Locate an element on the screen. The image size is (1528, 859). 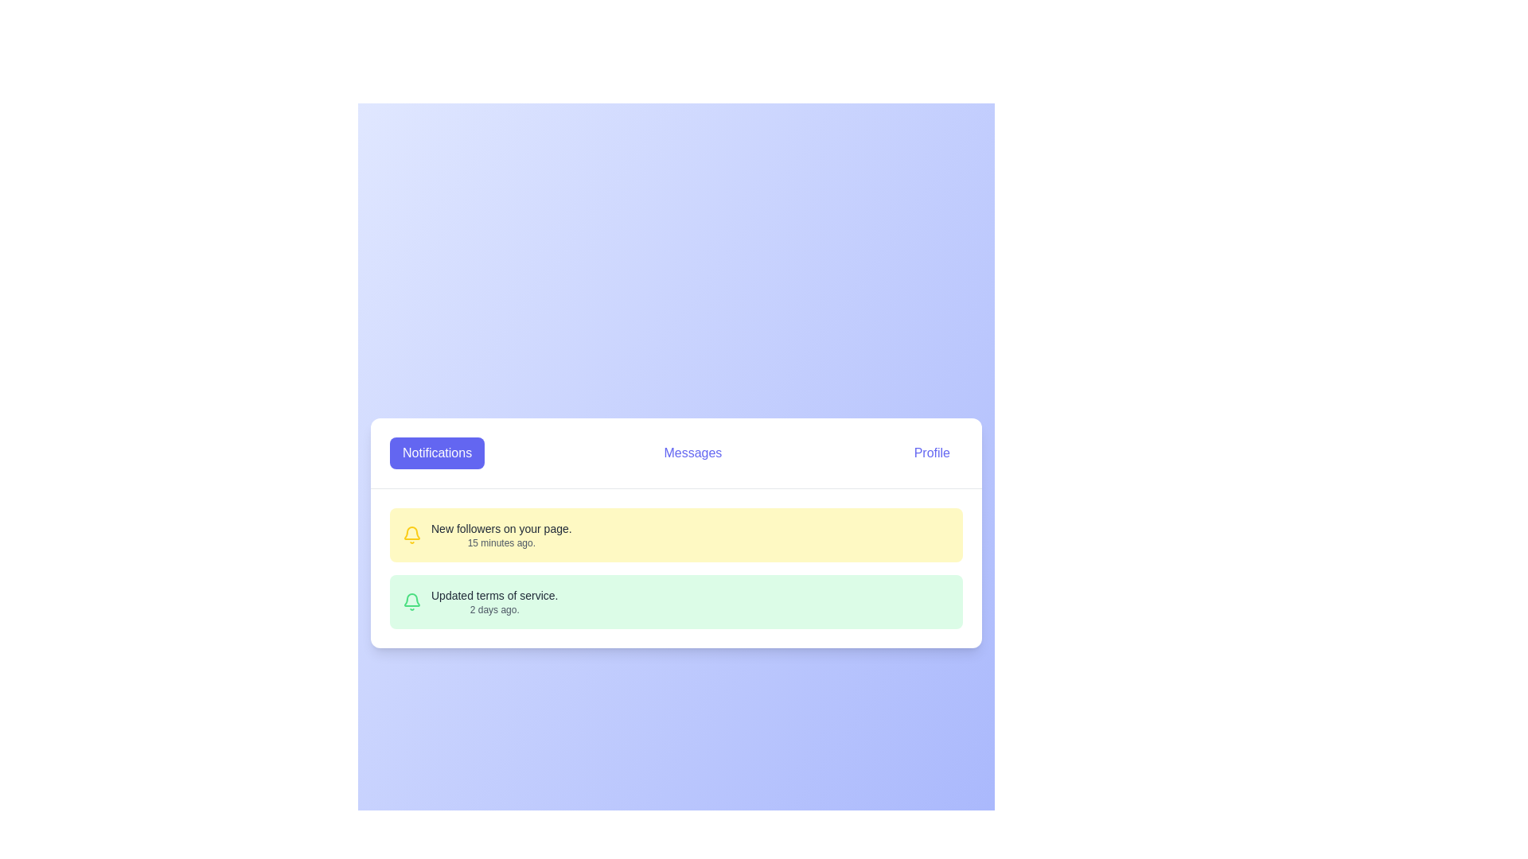
the static text label conveying the notification message about new followers for copying is located at coordinates (501, 528).